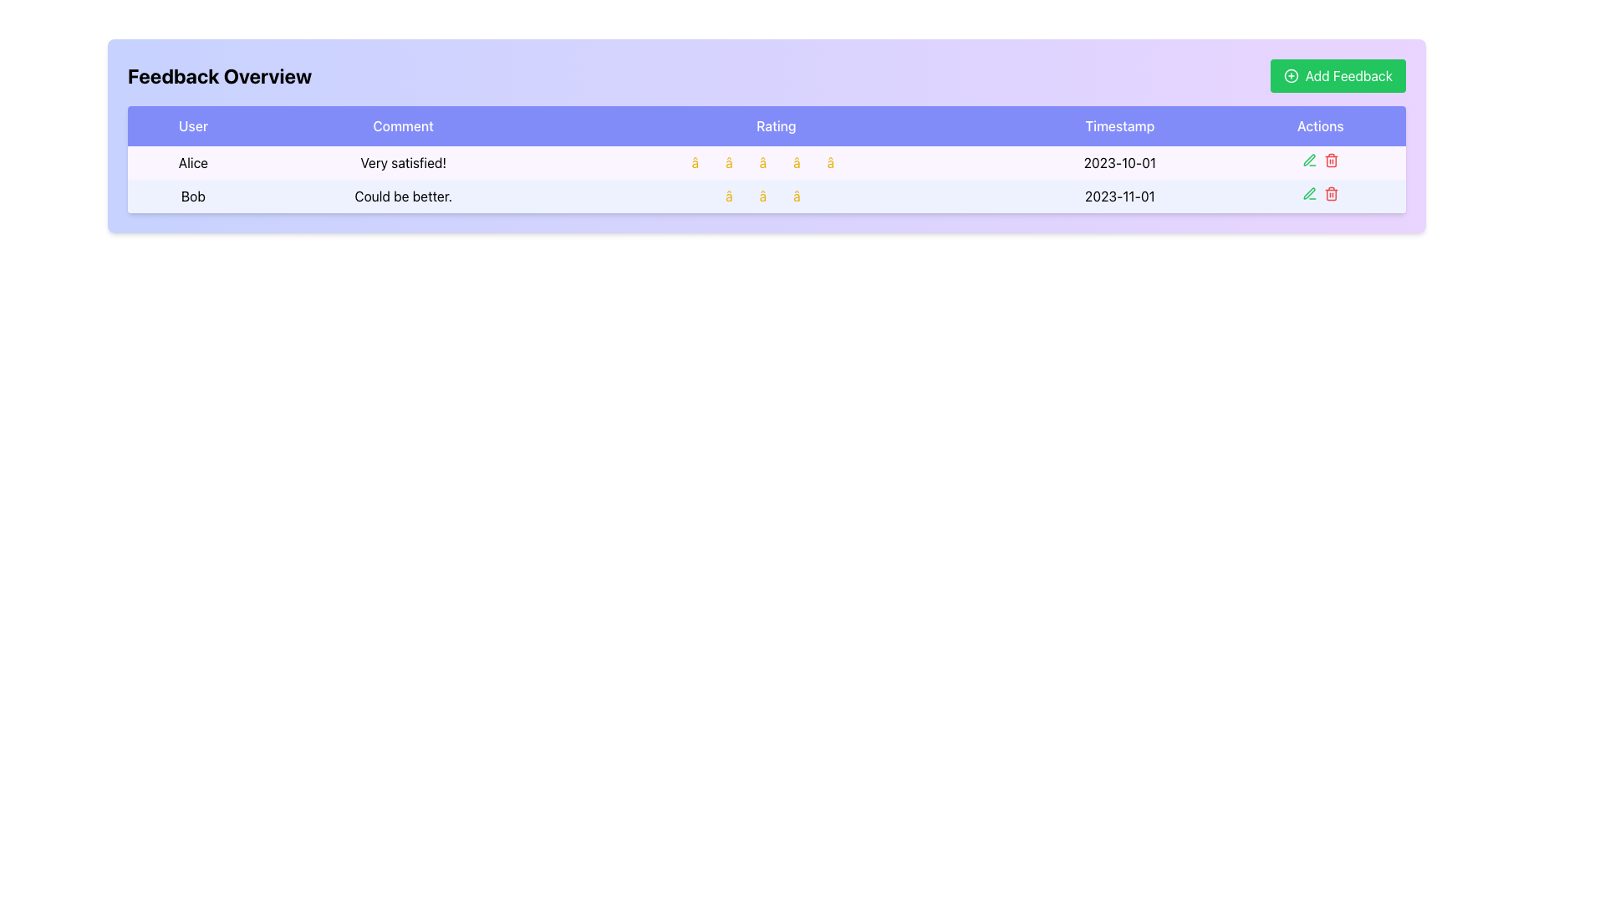  I want to click on the small circular icon with a green border and a plus sign, which is located to the left of the 'Add Feedback' text in the top-right green rectangular button, so click(1290, 76).